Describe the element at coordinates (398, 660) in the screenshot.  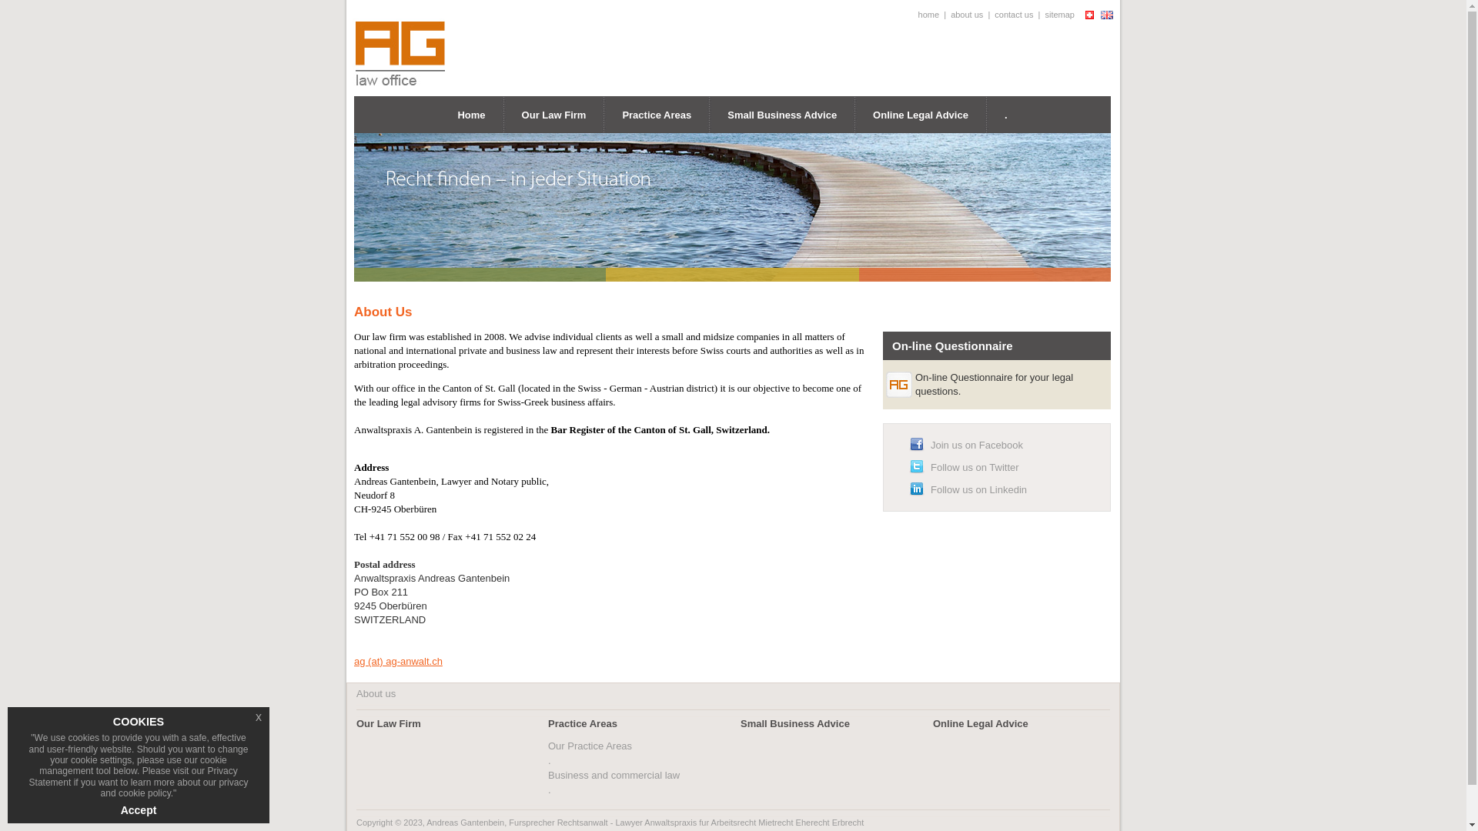
I see `'ag (at) ag-anwalt.ch'` at that location.